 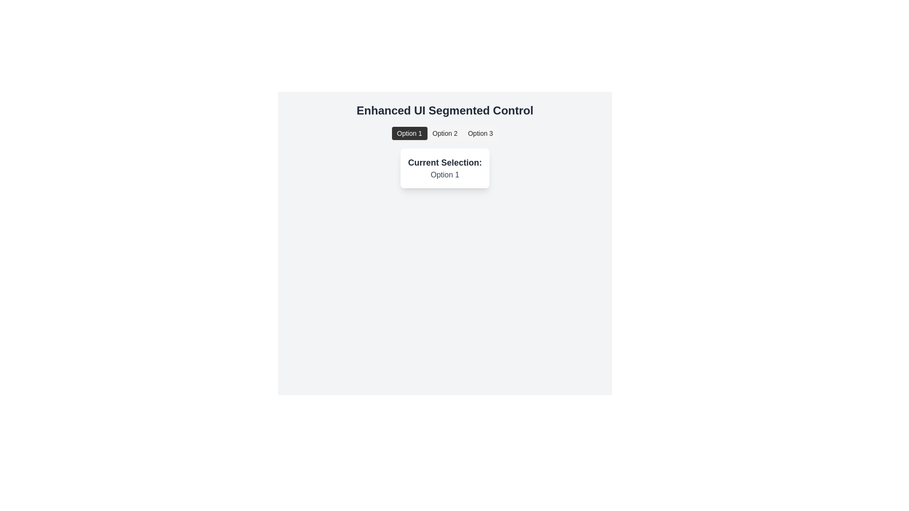 What do you see at coordinates (445, 175) in the screenshot?
I see `the text label that indicates the currently selected option in the segmented selection interface, located below the 'Current Selection:' label` at bounding box center [445, 175].